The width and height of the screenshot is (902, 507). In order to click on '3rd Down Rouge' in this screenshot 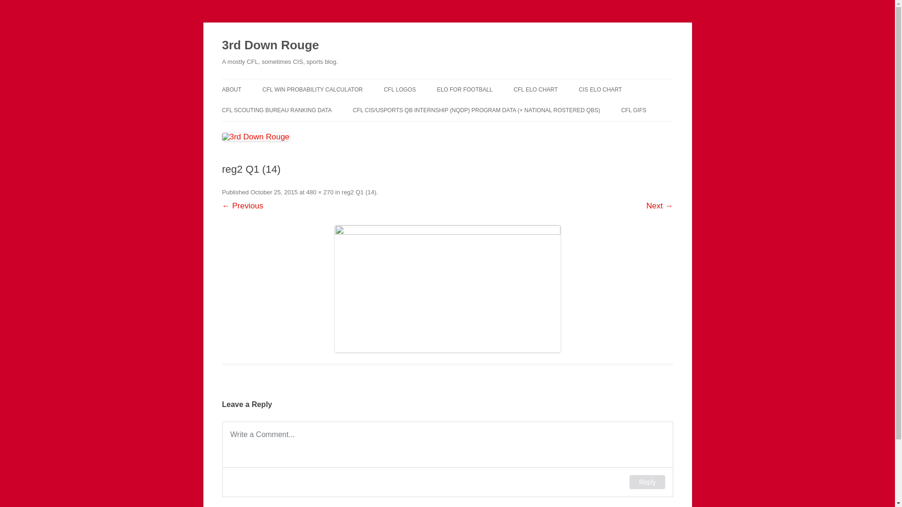, I will do `click(270, 45)`.